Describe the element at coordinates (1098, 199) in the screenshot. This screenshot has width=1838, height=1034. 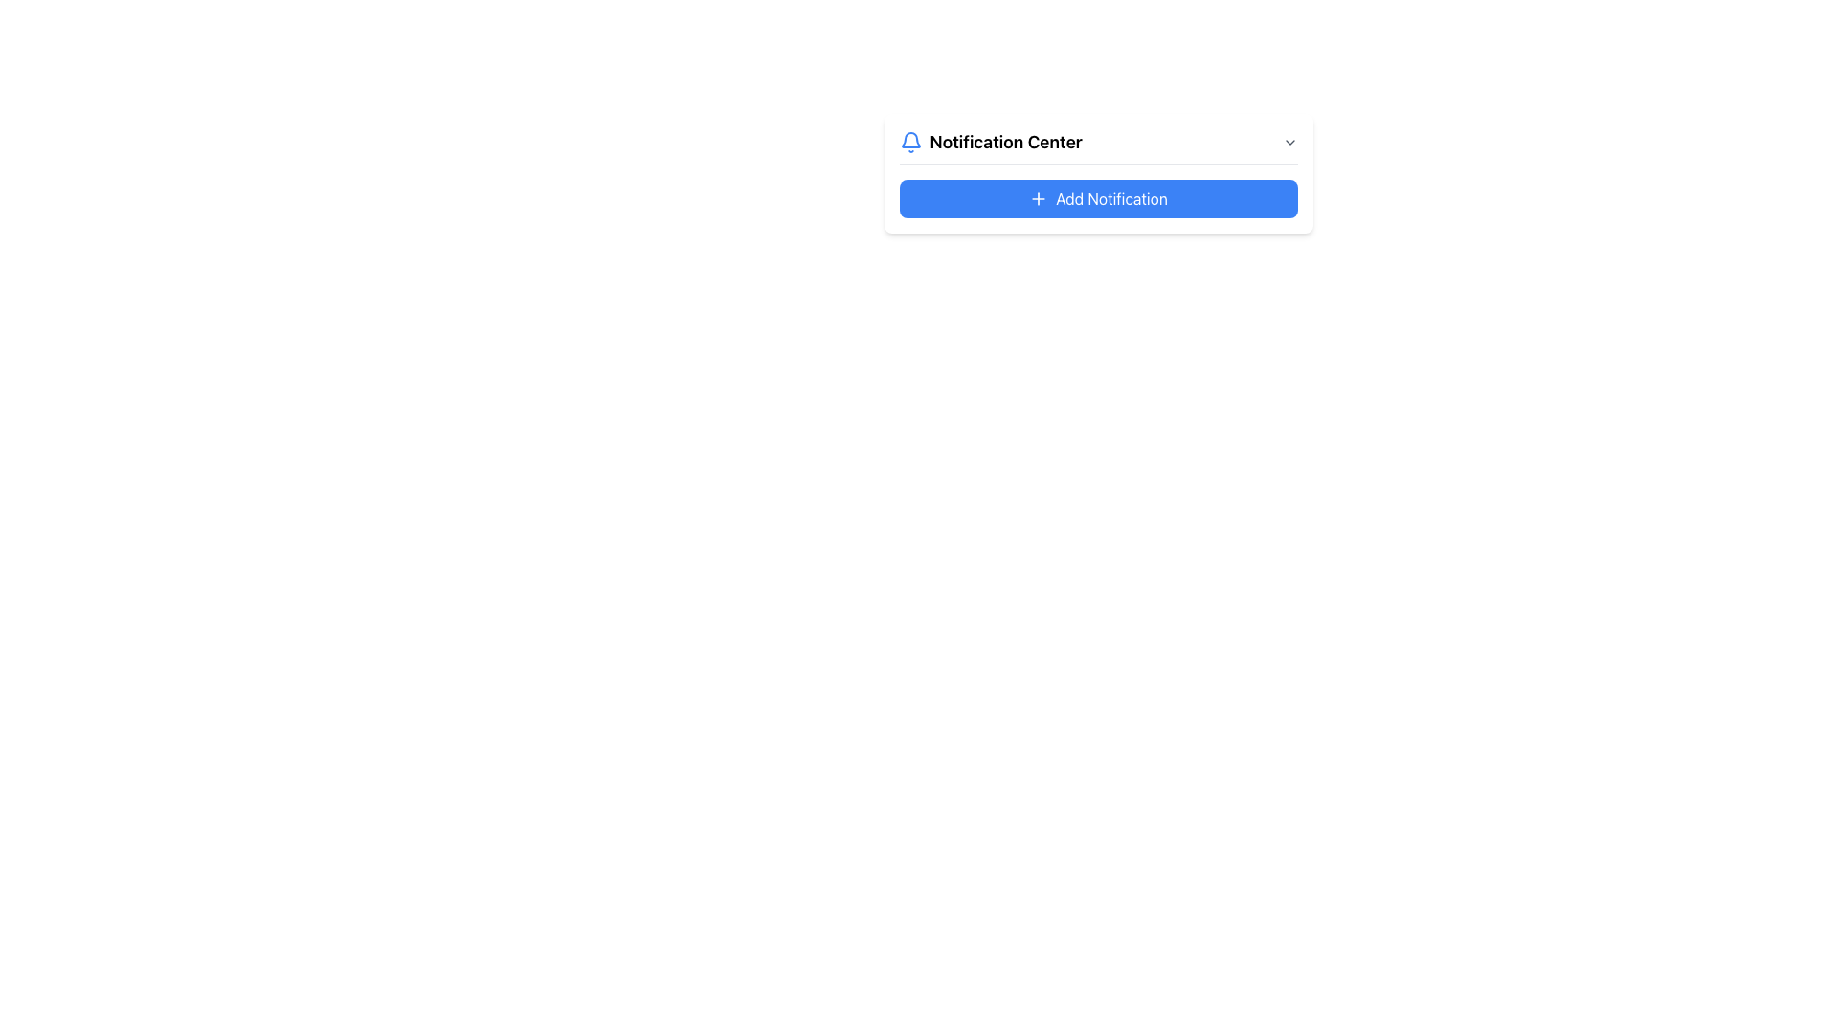
I see `the button located at the bottom of the 'Notification Center' card to observe hover effects` at that location.